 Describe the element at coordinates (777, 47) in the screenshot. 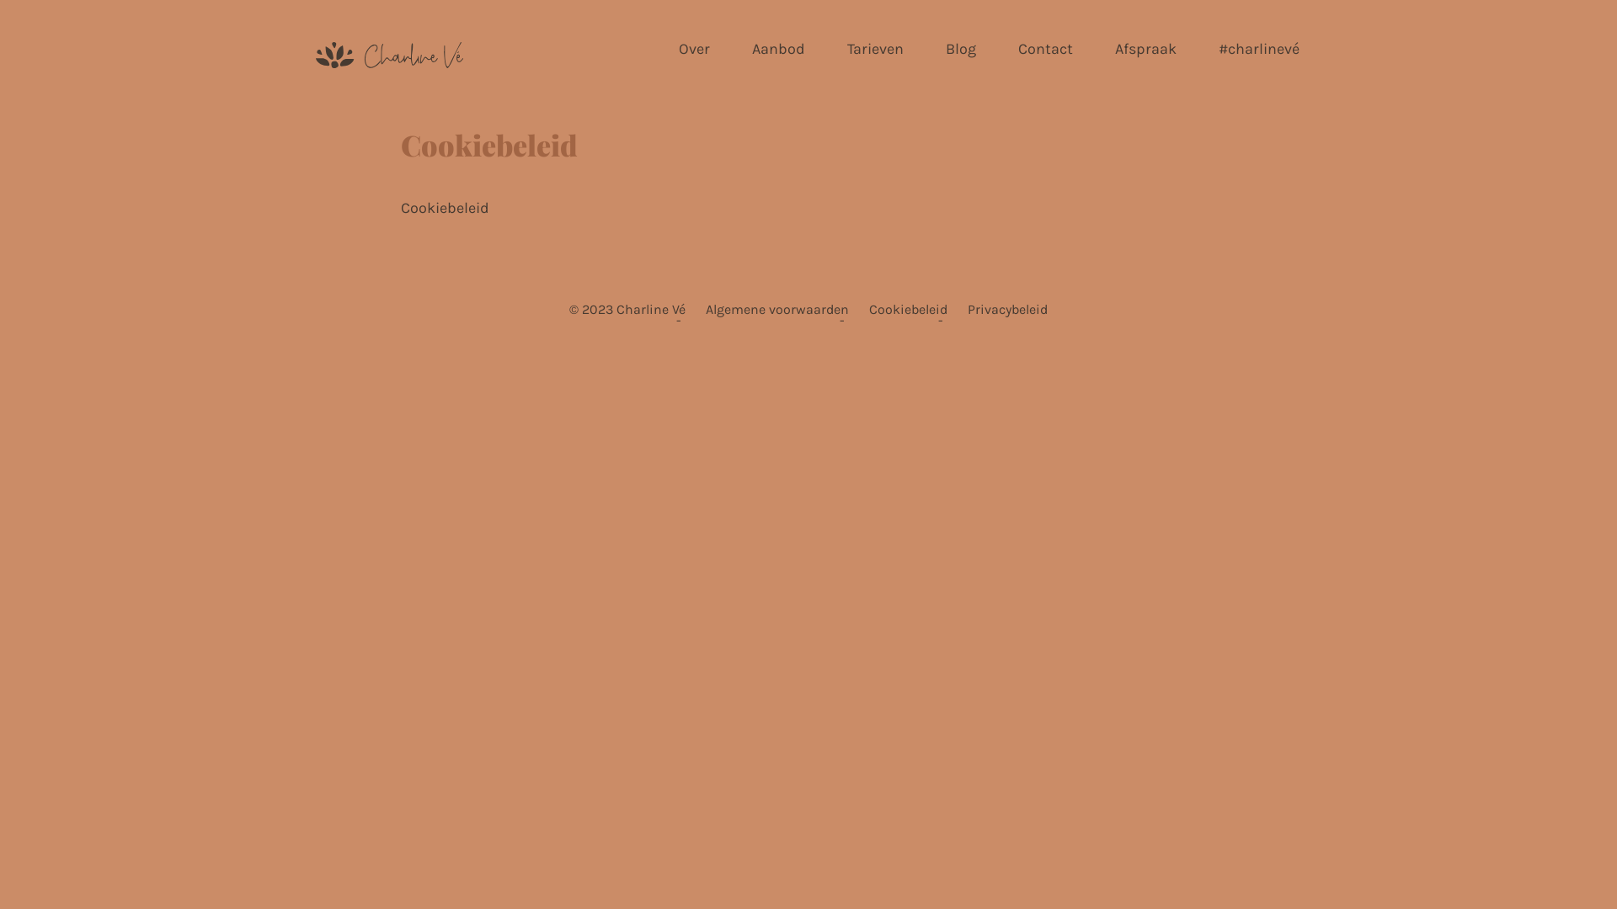

I see `'Aanbod'` at that location.